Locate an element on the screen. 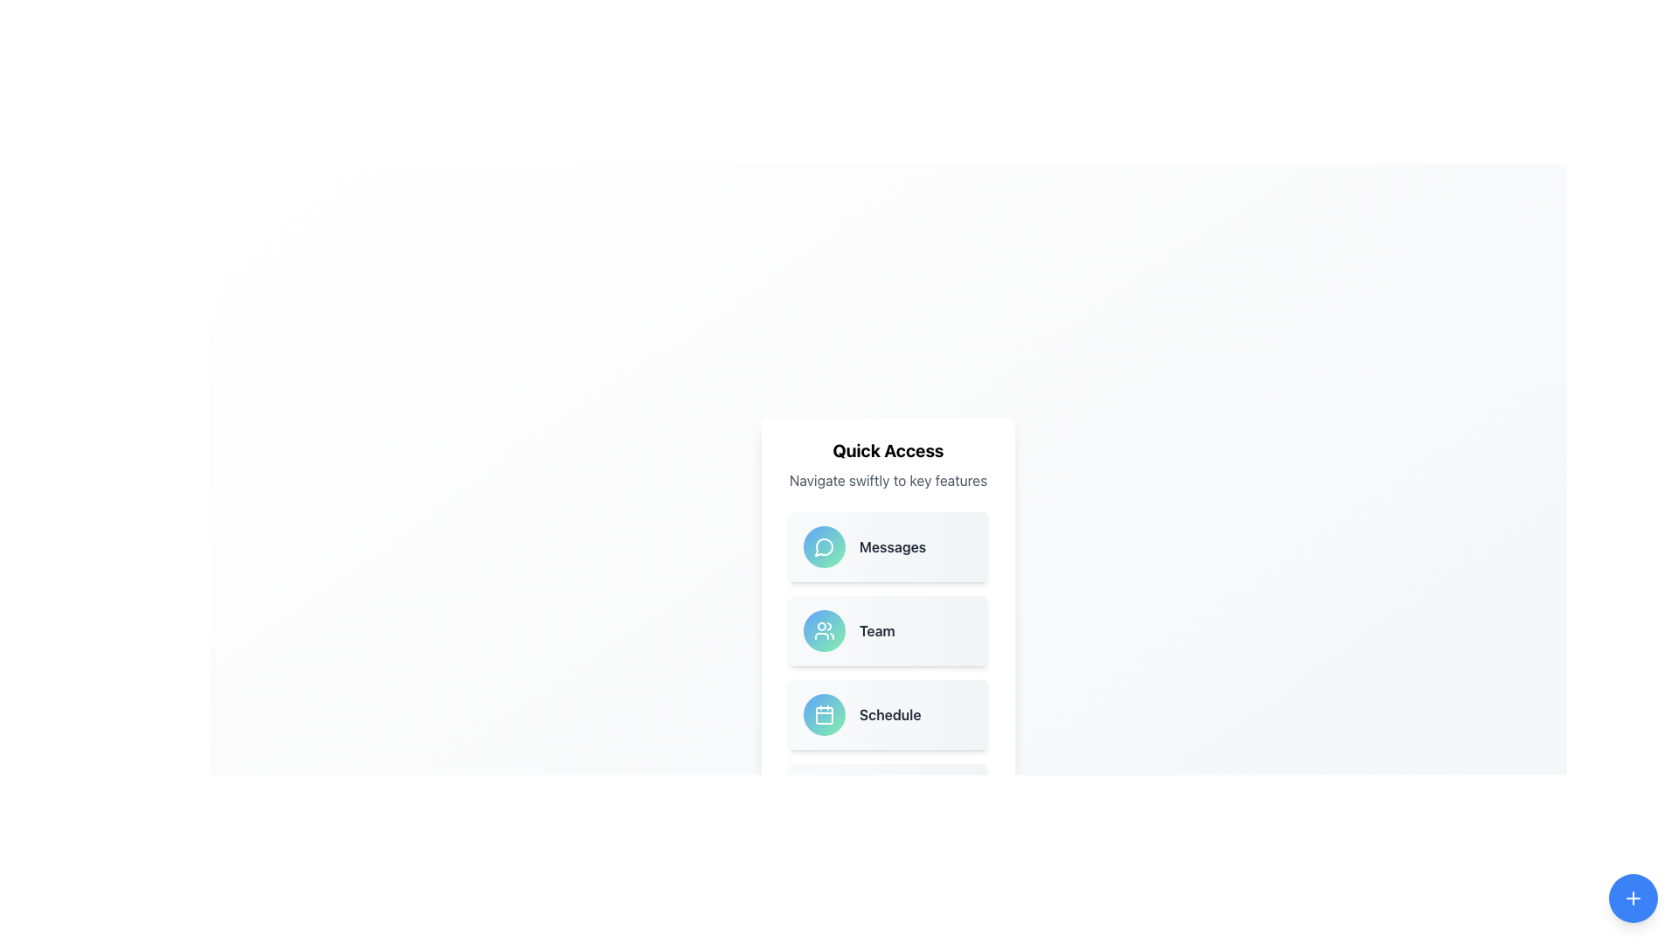 Image resolution: width=1679 pixels, height=944 pixels. the 'Messages' Feature Card is located at coordinates (888, 545).